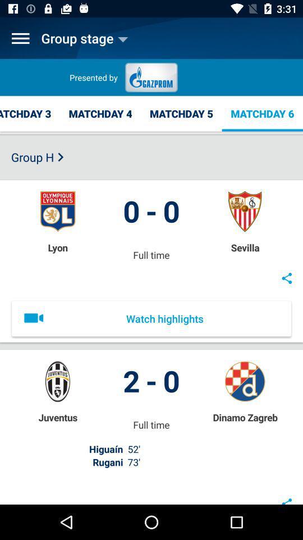  I want to click on item next to the group stage icon, so click(20, 38).